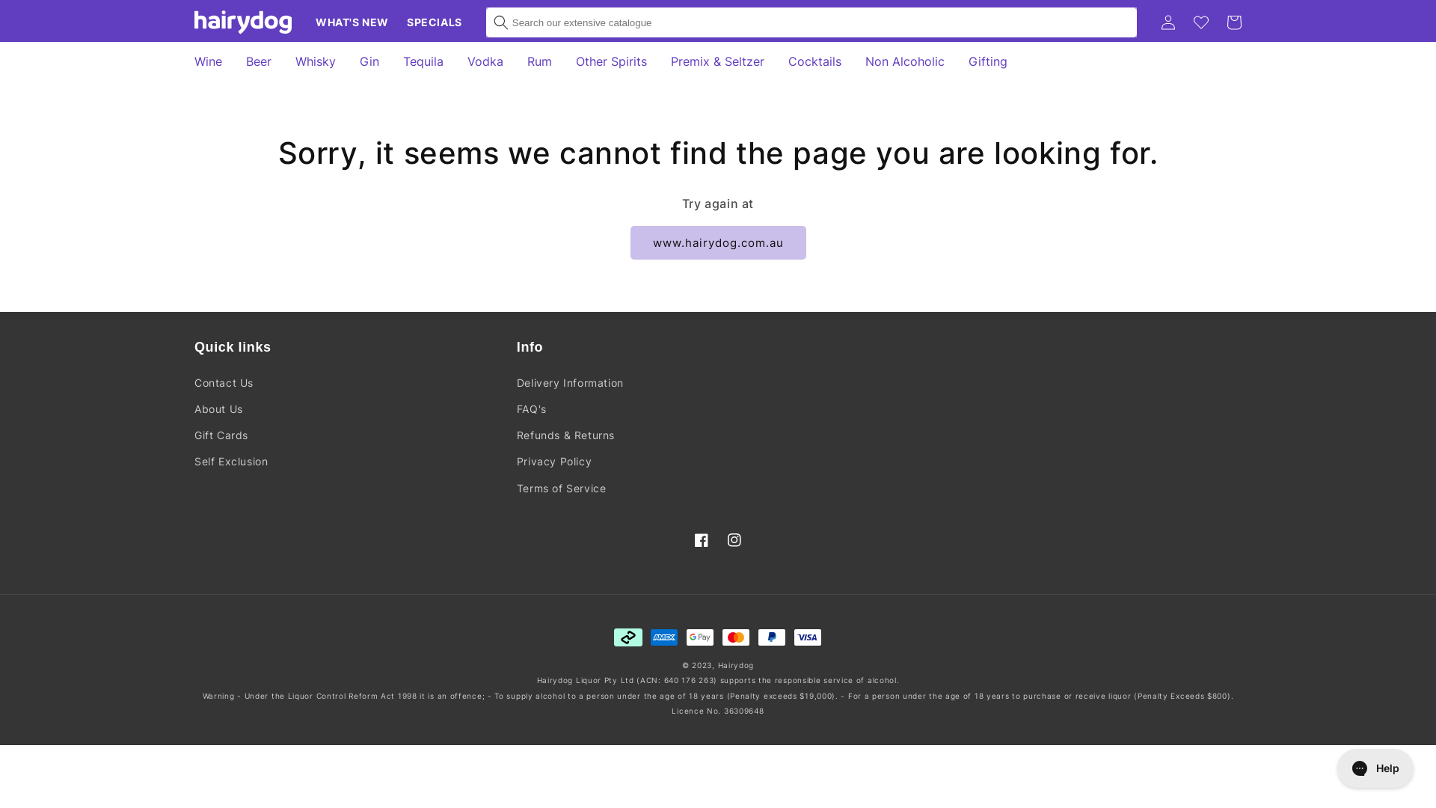  What do you see at coordinates (1234, 22) in the screenshot?
I see `'Cart'` at bounding box center [1234, 22].